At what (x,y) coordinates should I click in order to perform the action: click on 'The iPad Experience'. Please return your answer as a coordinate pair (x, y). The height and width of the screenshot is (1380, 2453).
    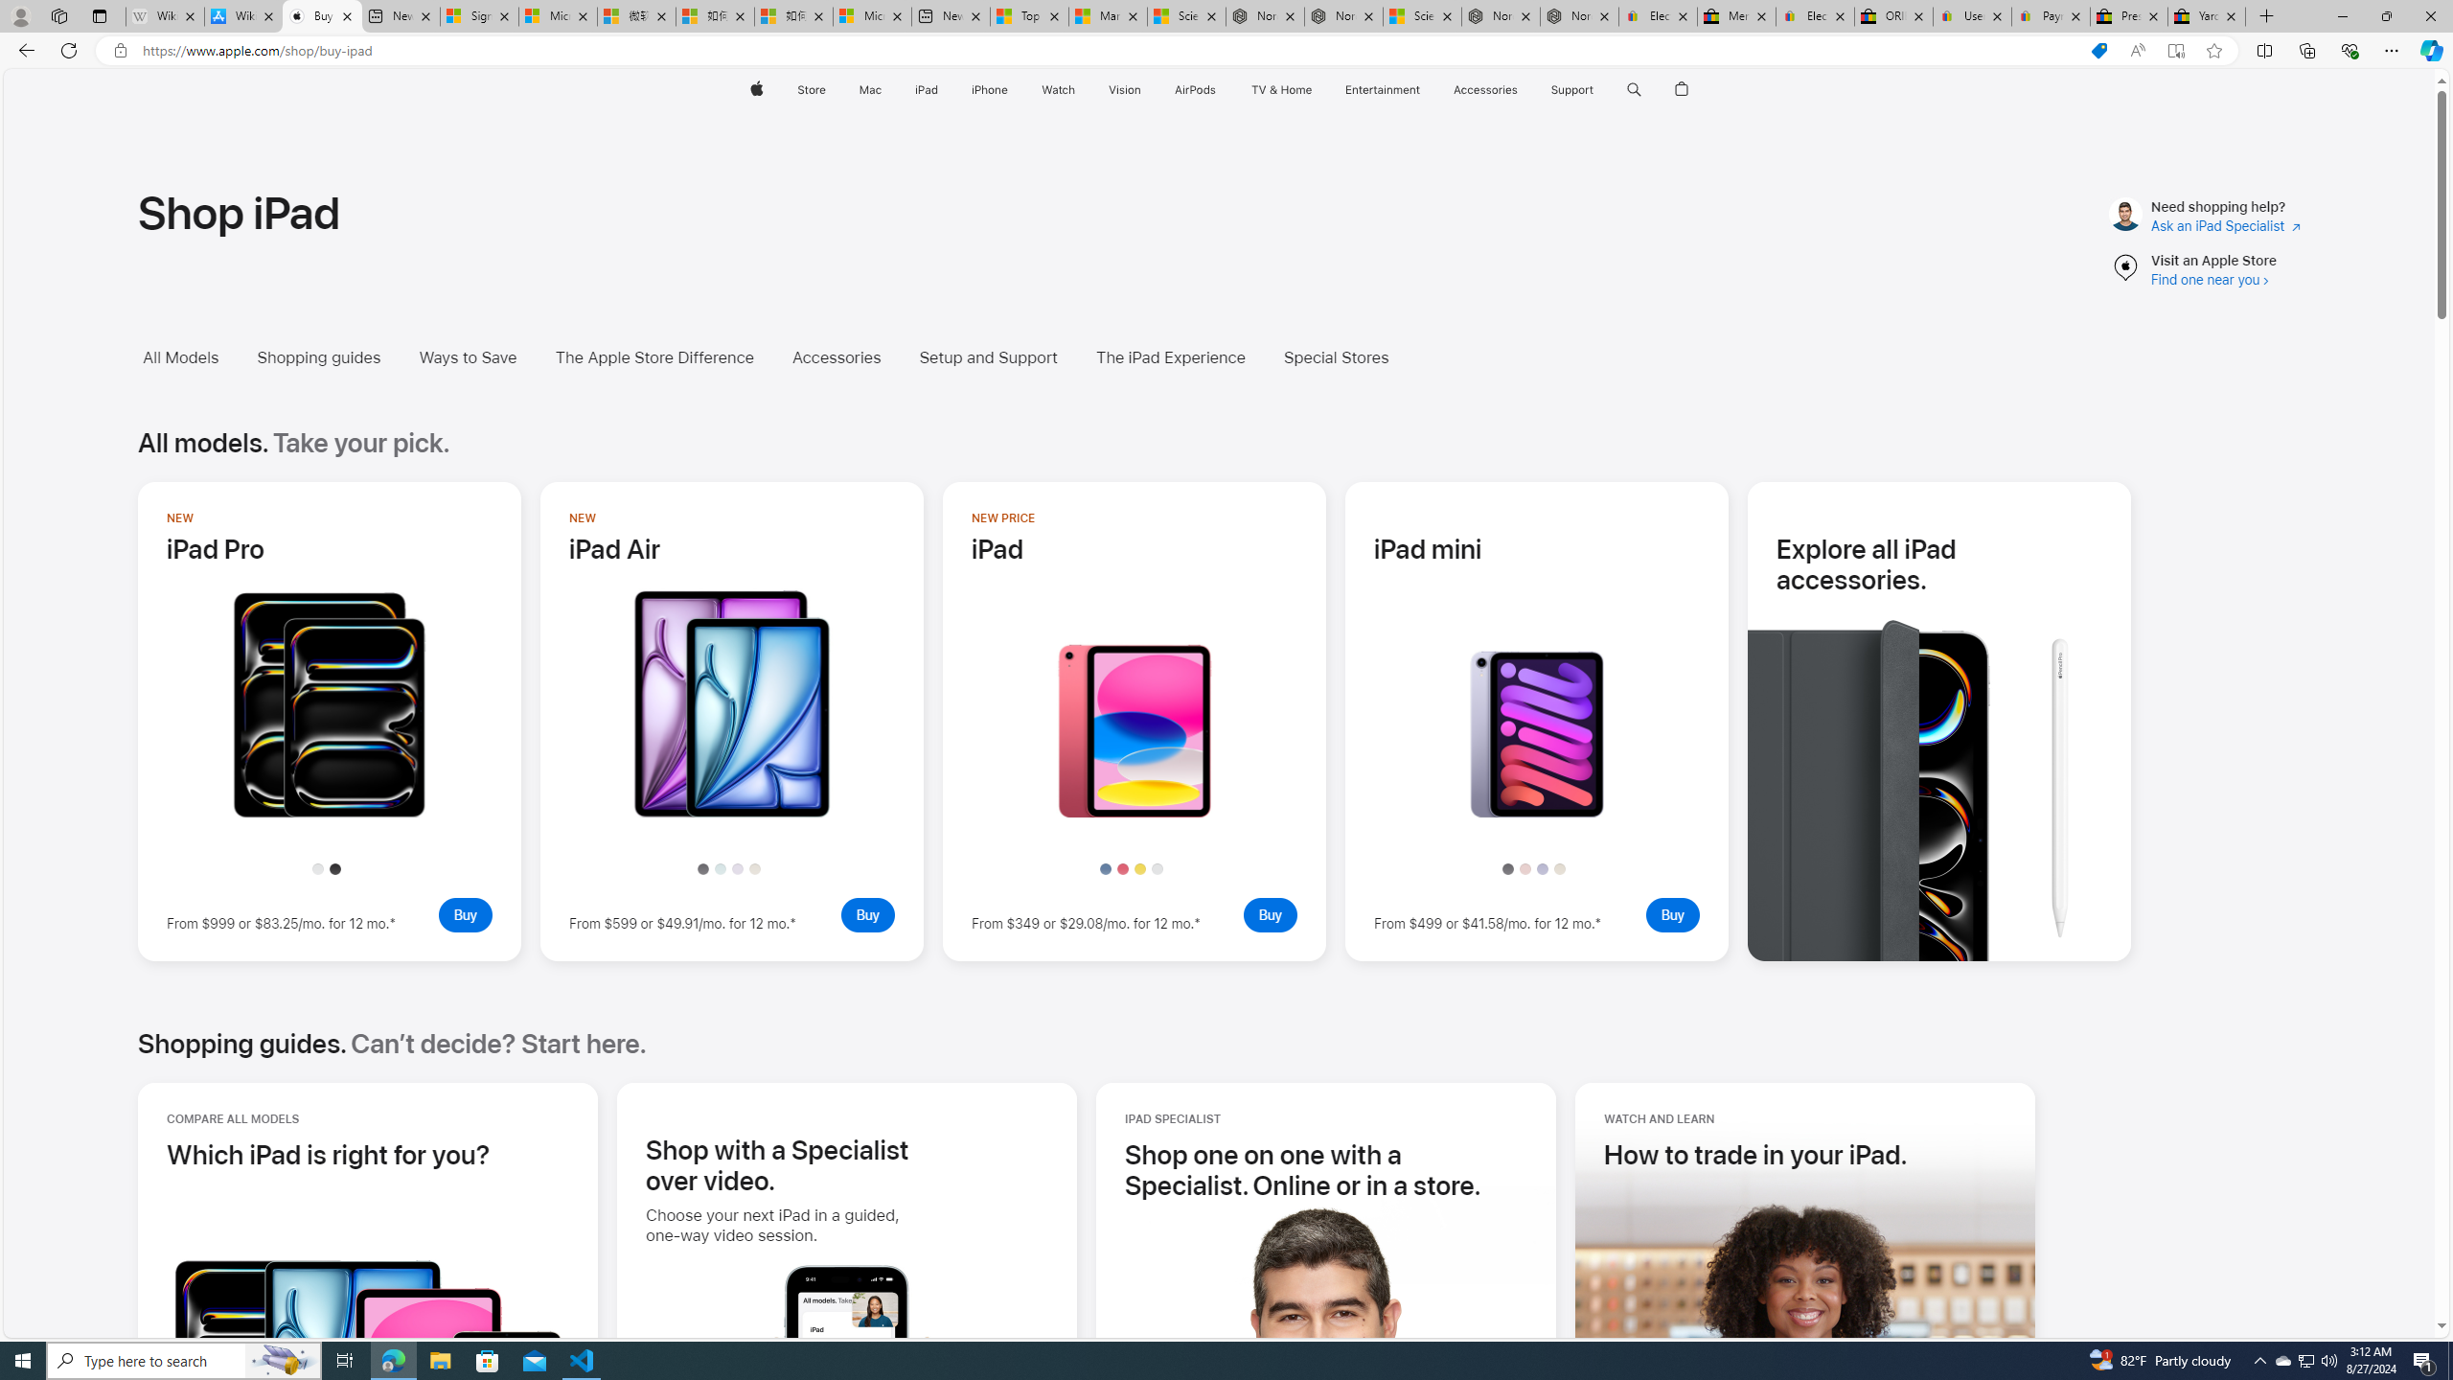
    Looking at the image, I should click on (1169, 356).